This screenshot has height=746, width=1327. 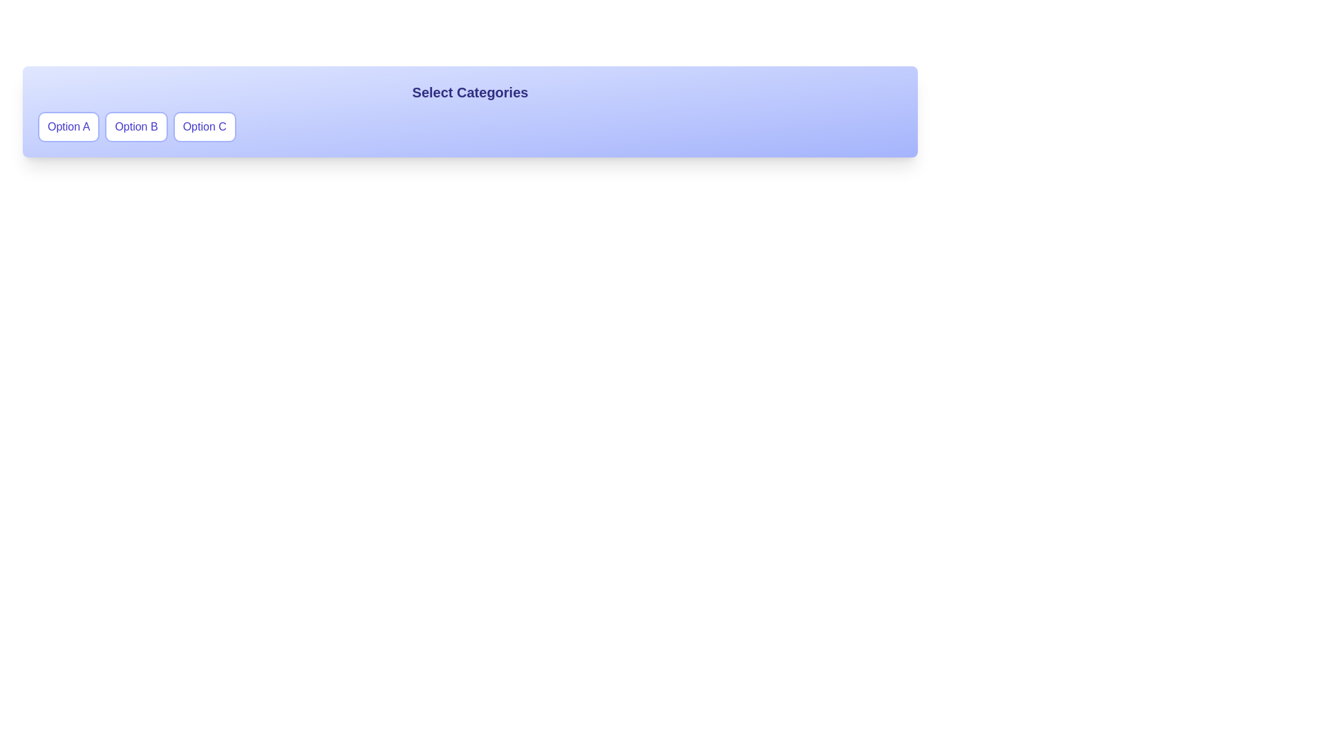 I want to click on the button labeled Option B to observe any visual change, so click(x=136, y=127).